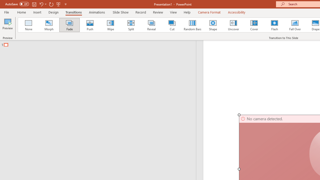 The height and width of the screenshot is (180, 320). What do you see at coordinates (295, 25) in the screenshot?
I see `'Fall Over'` at bounding box center [295, 25].